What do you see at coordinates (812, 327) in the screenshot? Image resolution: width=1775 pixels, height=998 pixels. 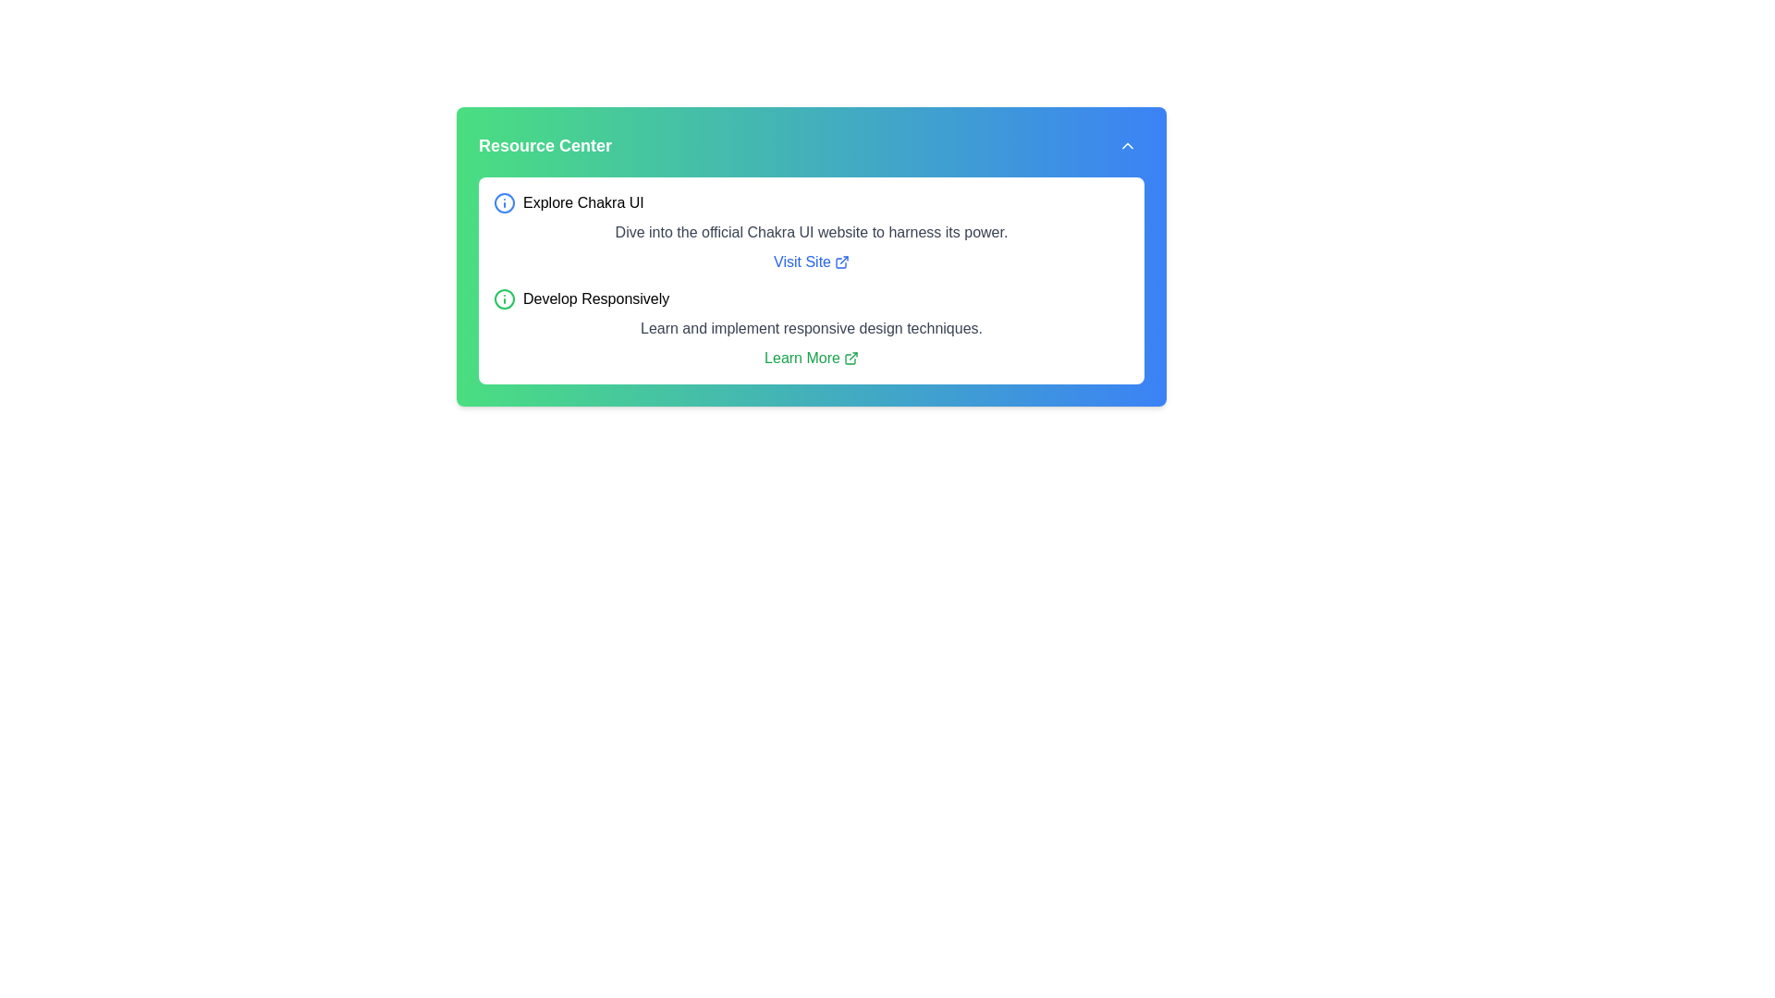 I see `the informational text block with a link that provides information about learning responsive design techniques, located below the 'Explore Chakra UI' section in the 'Resource Center' card` at bounding box center [812, 327].